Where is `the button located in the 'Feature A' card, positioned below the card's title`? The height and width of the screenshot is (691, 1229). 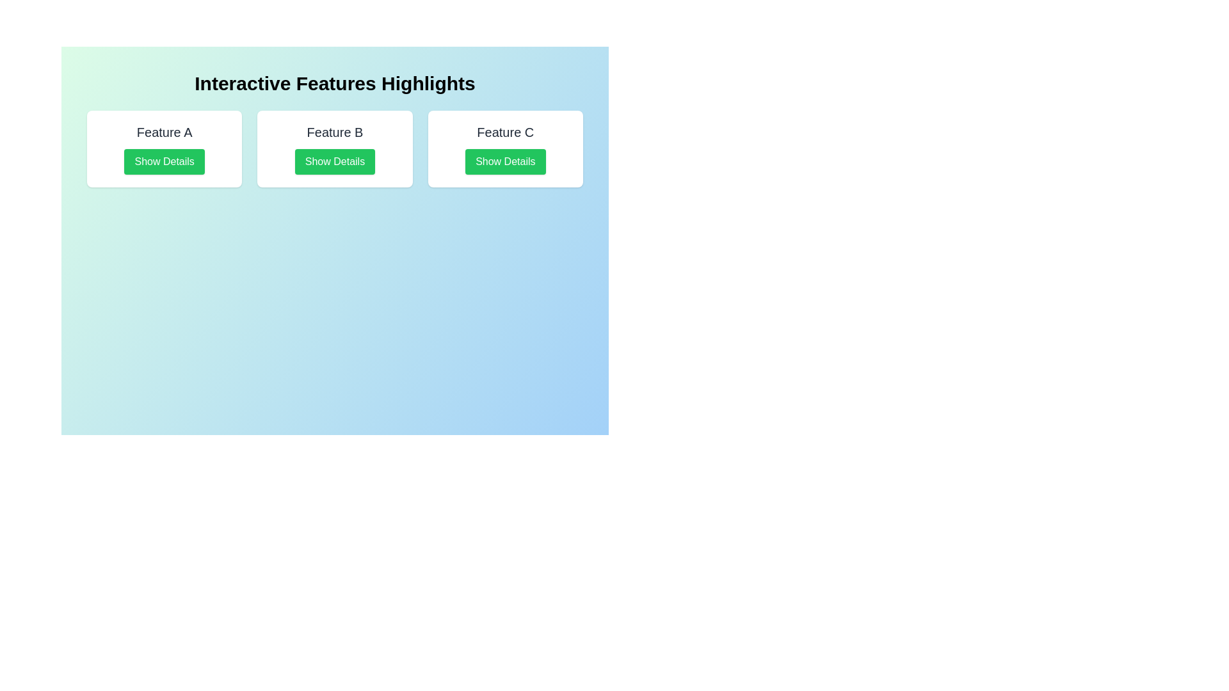
the button located in the 'Feature A' card, positioned below the card's title is located at coordinates (164, 161).